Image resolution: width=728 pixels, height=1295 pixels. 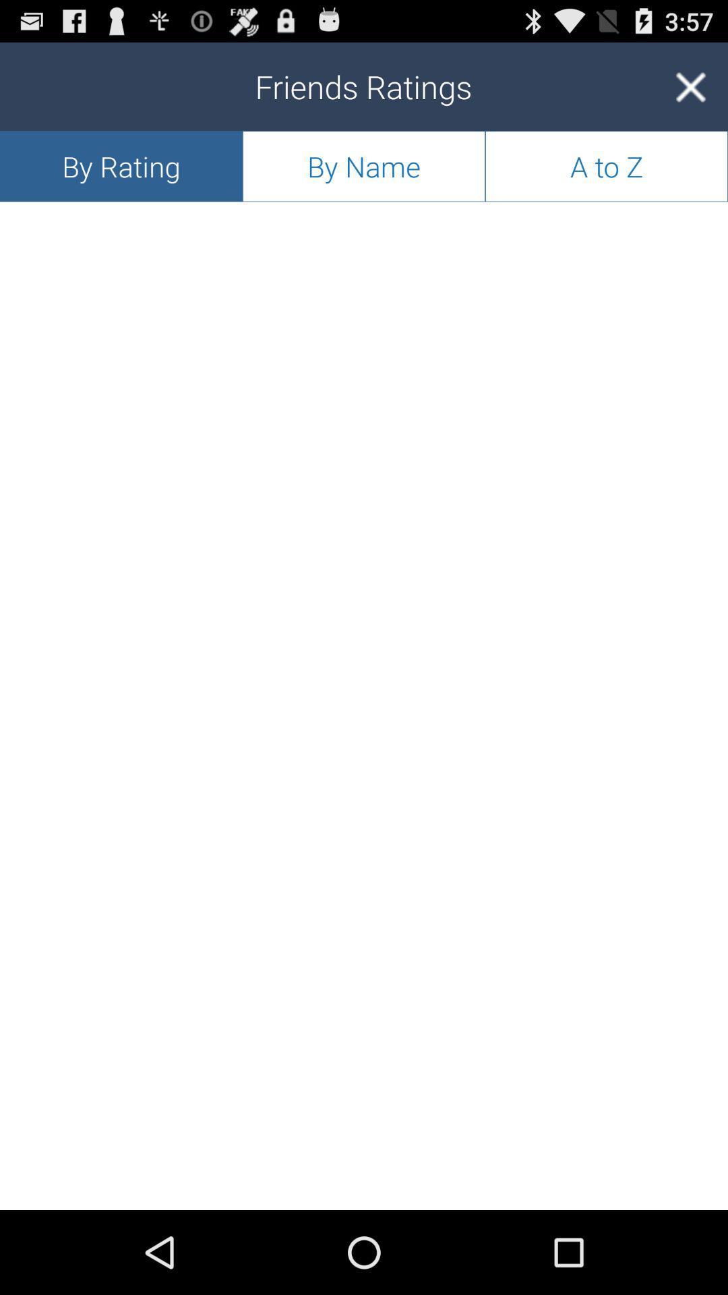 I want to click on the item above a to z, so click(x=690, y=86).